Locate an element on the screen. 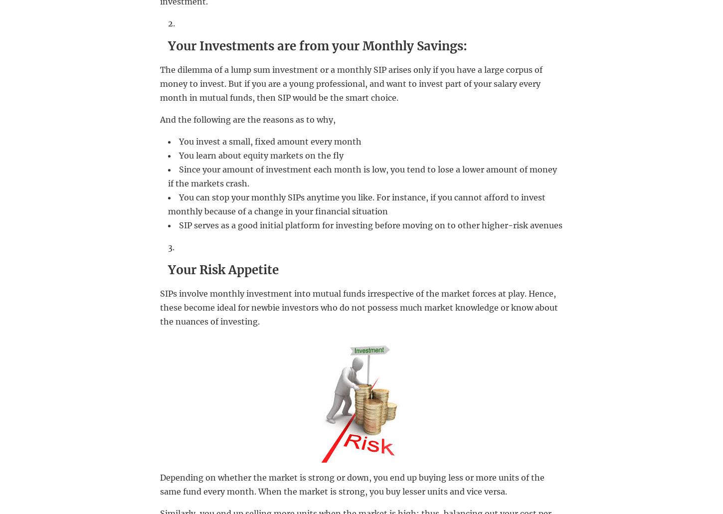  'Best Women Soccer Players' is located at coordinates (395, 302).